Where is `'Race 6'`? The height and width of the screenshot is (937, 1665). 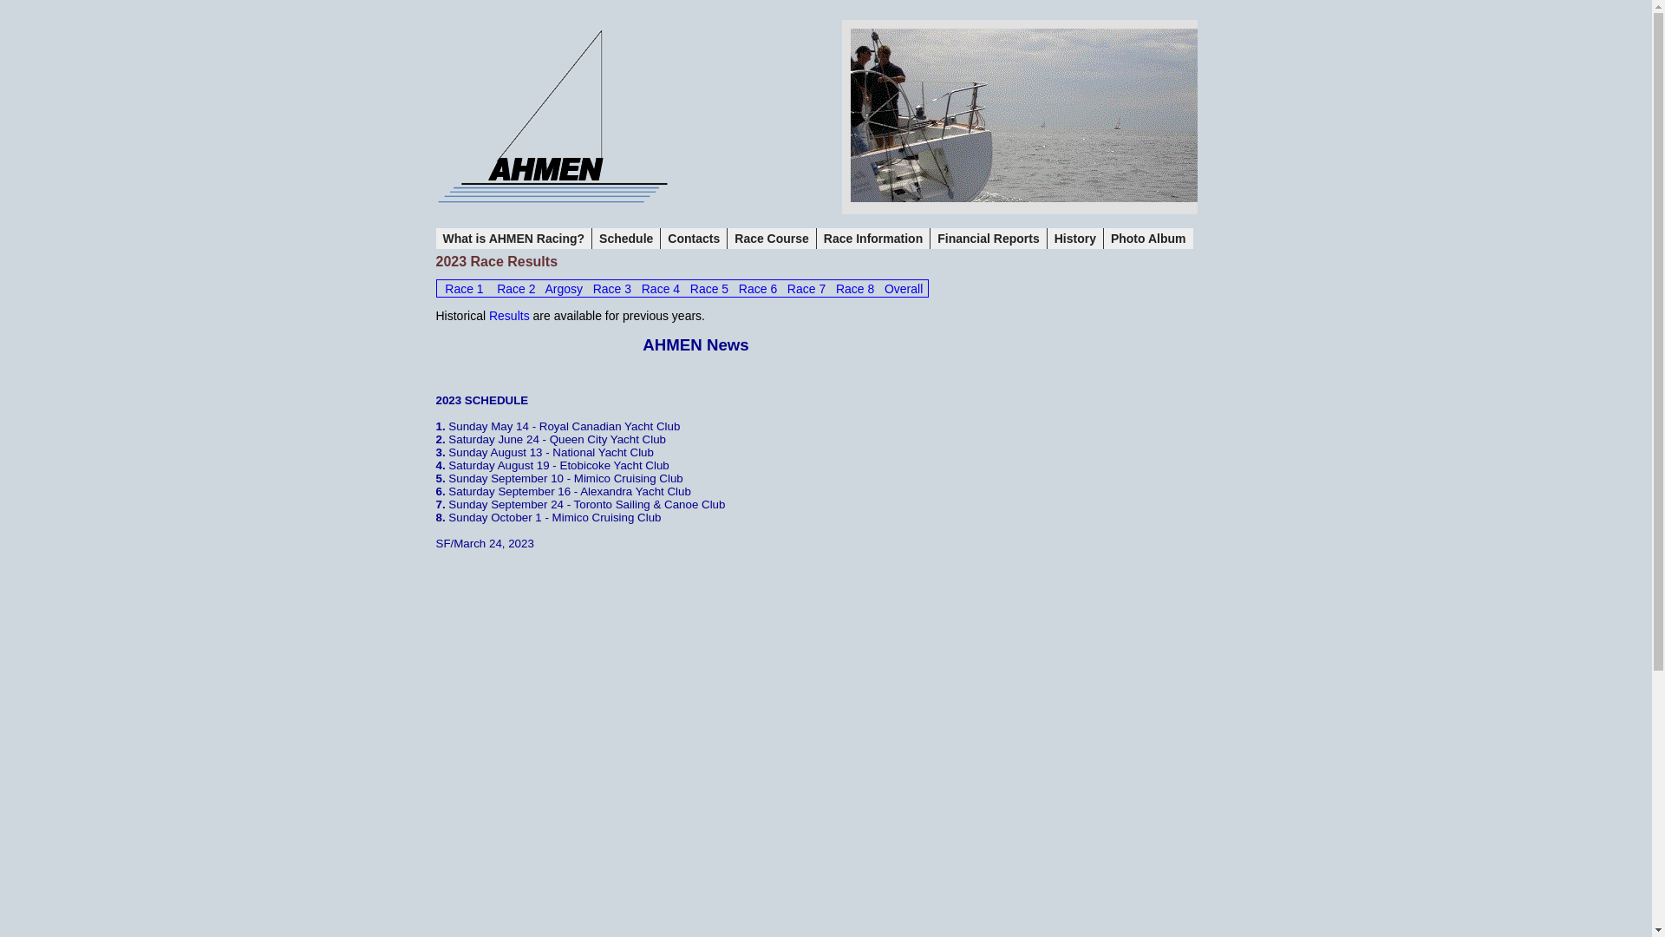
'Race 6' is located at coordinates (757, 287).